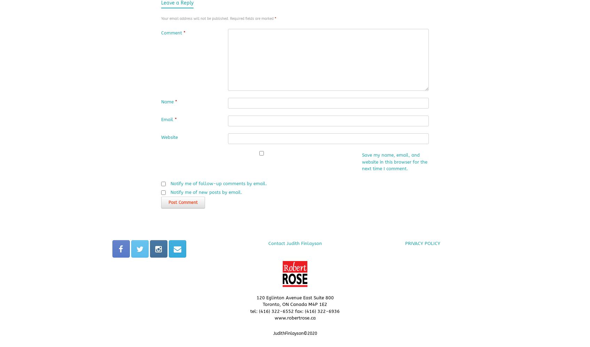 This screenshot has width=590, height=347. I want to click on 'Comment', so click(171, 33).